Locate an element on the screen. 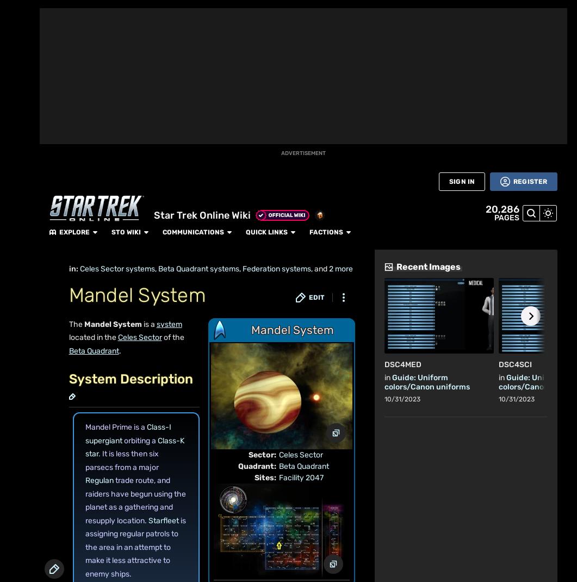  'Fantasy' is located at coordinates (89, 121).